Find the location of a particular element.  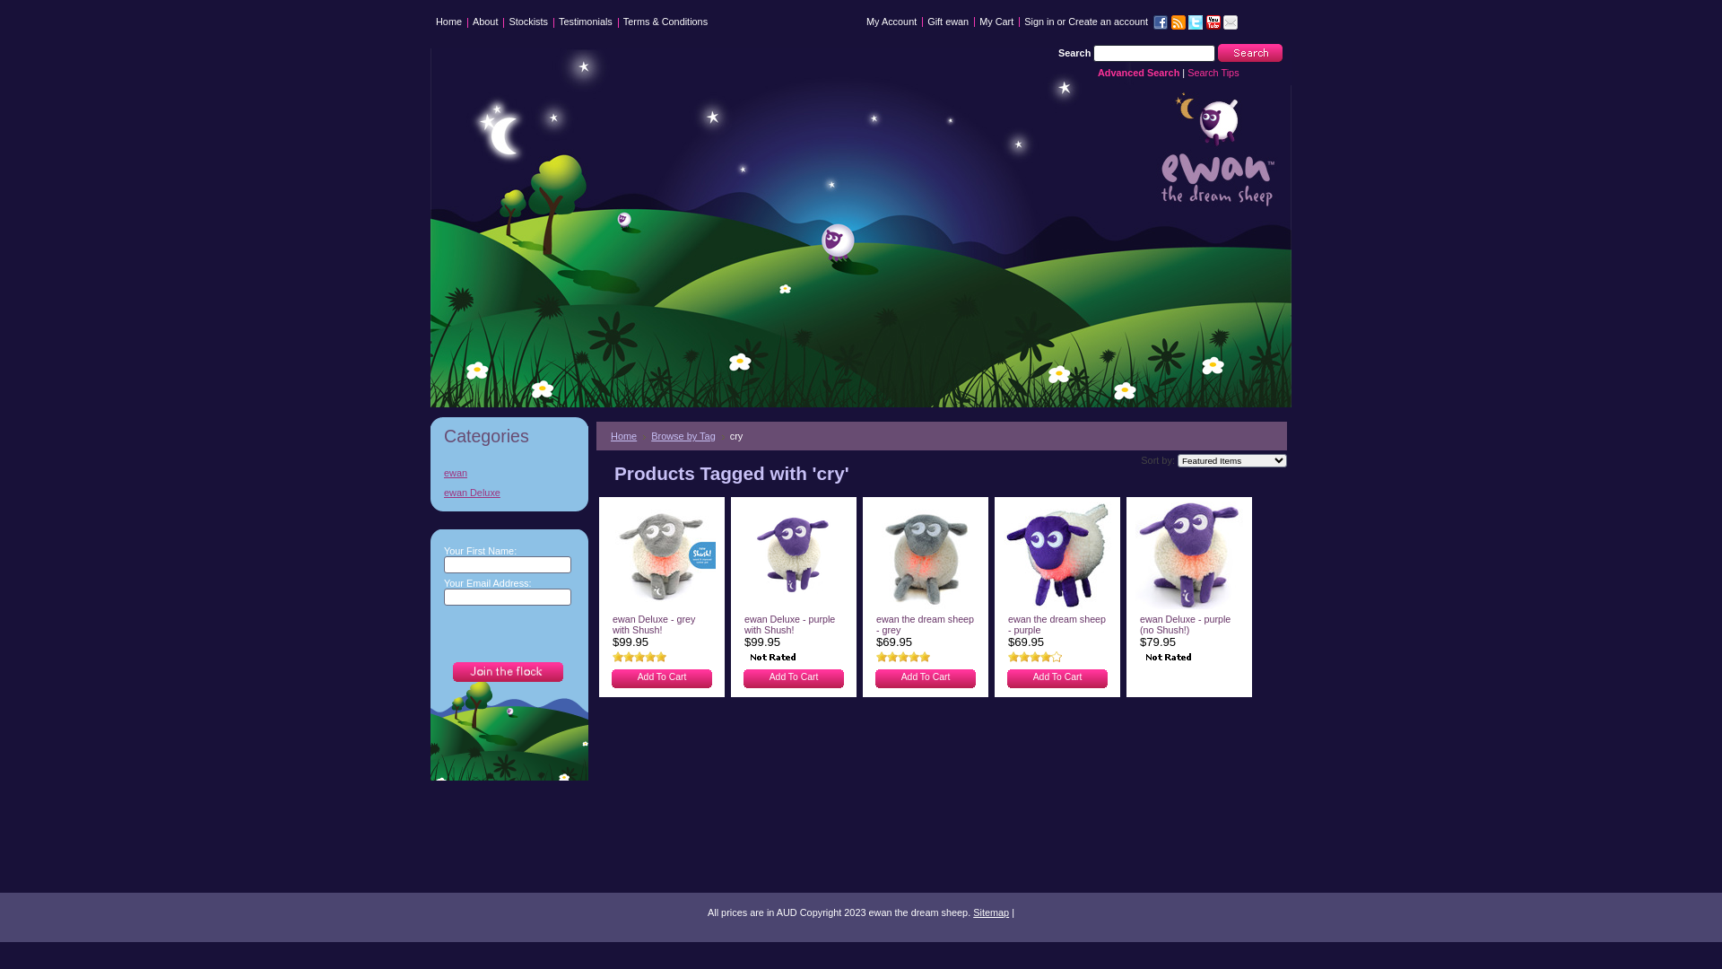

'Sitemap' is located at coordinates (989, 912).